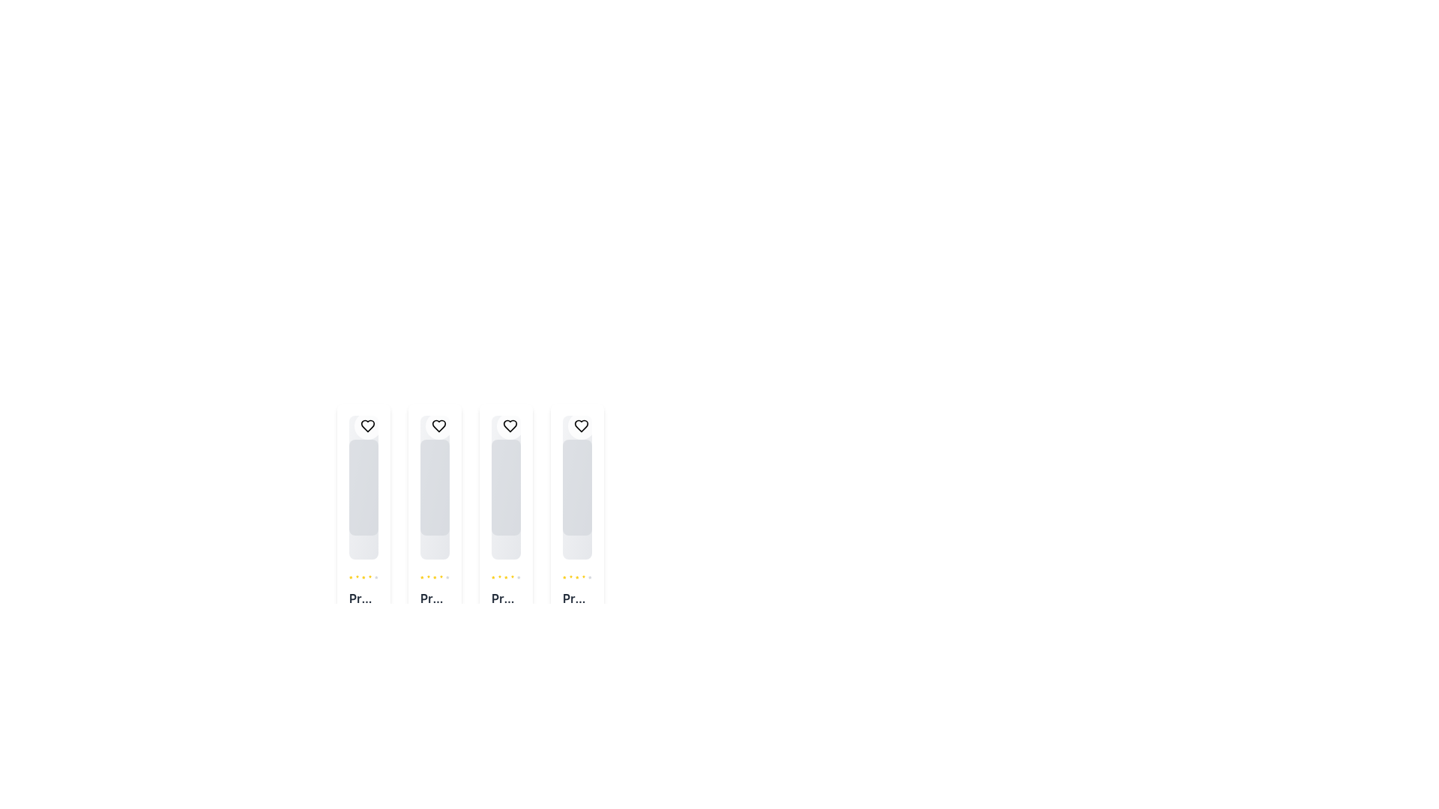 This screenshot has width=1439, height=809. What do you see at coordinates (438, 426) in the screenshot?
I see `the heart-shaped icon outlined with a black stroke located at the top area of the second card to mark it as liked or unliked` at bounding box center [438, 426].